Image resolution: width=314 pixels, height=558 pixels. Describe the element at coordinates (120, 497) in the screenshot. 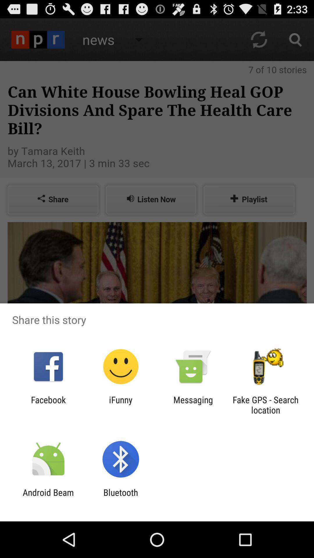

I see `the bluetooth icon` at that location.